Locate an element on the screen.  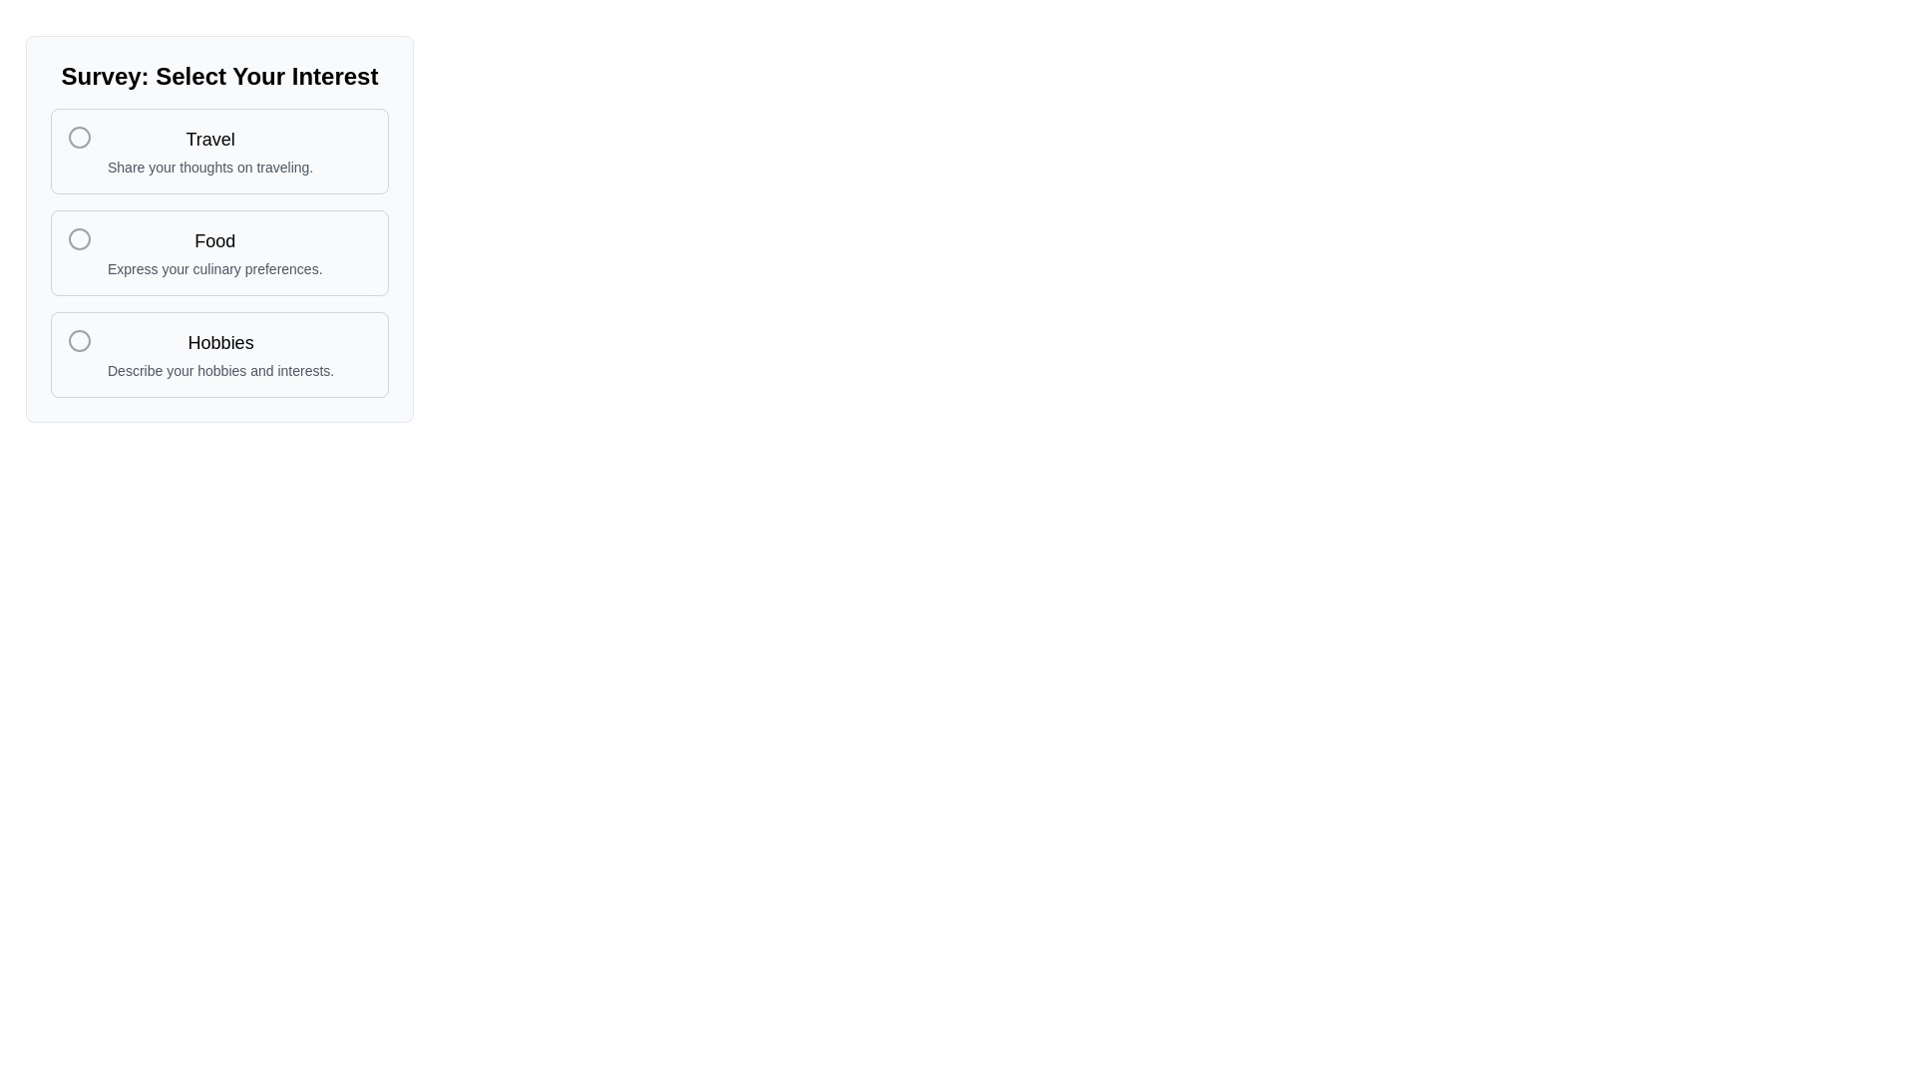
the text label displaying 'Hobbies' located in the survey section titled 'Survey: Select Your Interest' is located at coordinates (220, 341).